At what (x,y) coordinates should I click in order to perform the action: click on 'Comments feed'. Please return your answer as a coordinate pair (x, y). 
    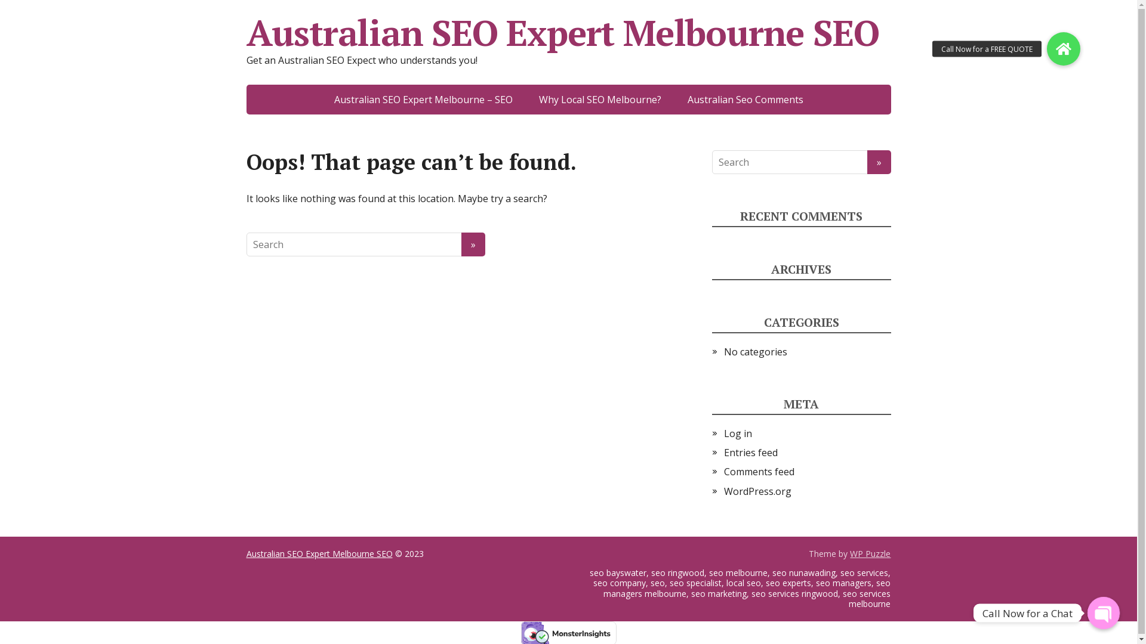
    Looking at the image, I should click on (758, 470).